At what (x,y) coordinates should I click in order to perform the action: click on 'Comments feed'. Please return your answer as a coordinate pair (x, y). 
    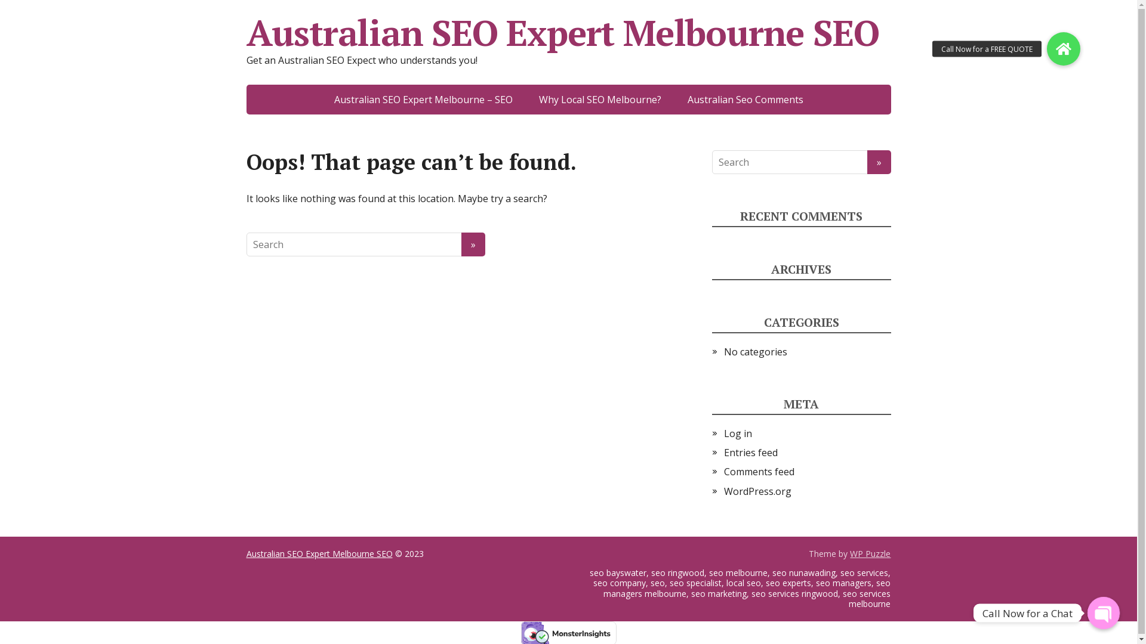
    Looking at the image, I should click on (758, 470).